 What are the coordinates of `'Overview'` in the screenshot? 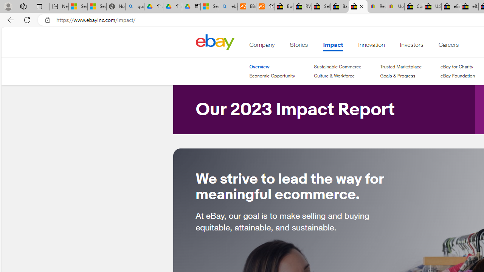 It's located at (272, 66).